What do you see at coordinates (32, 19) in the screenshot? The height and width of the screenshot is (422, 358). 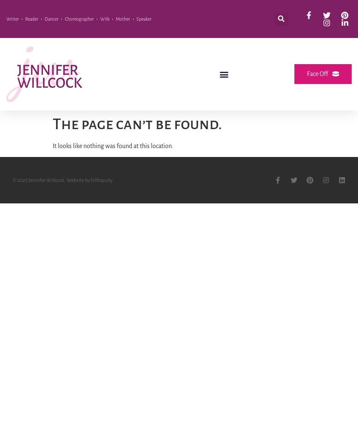 I see `'Reader'` at bounding box center [32, 19].